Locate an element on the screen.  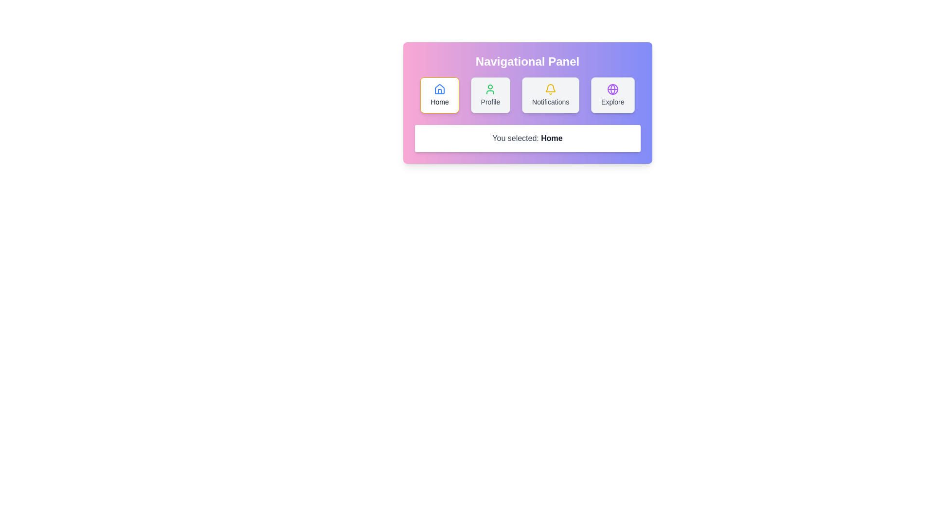
the house-shaped icon with a blue outline located within the 'Home' button in the 'Navigational Panel' is located at coordinates (439, 89).